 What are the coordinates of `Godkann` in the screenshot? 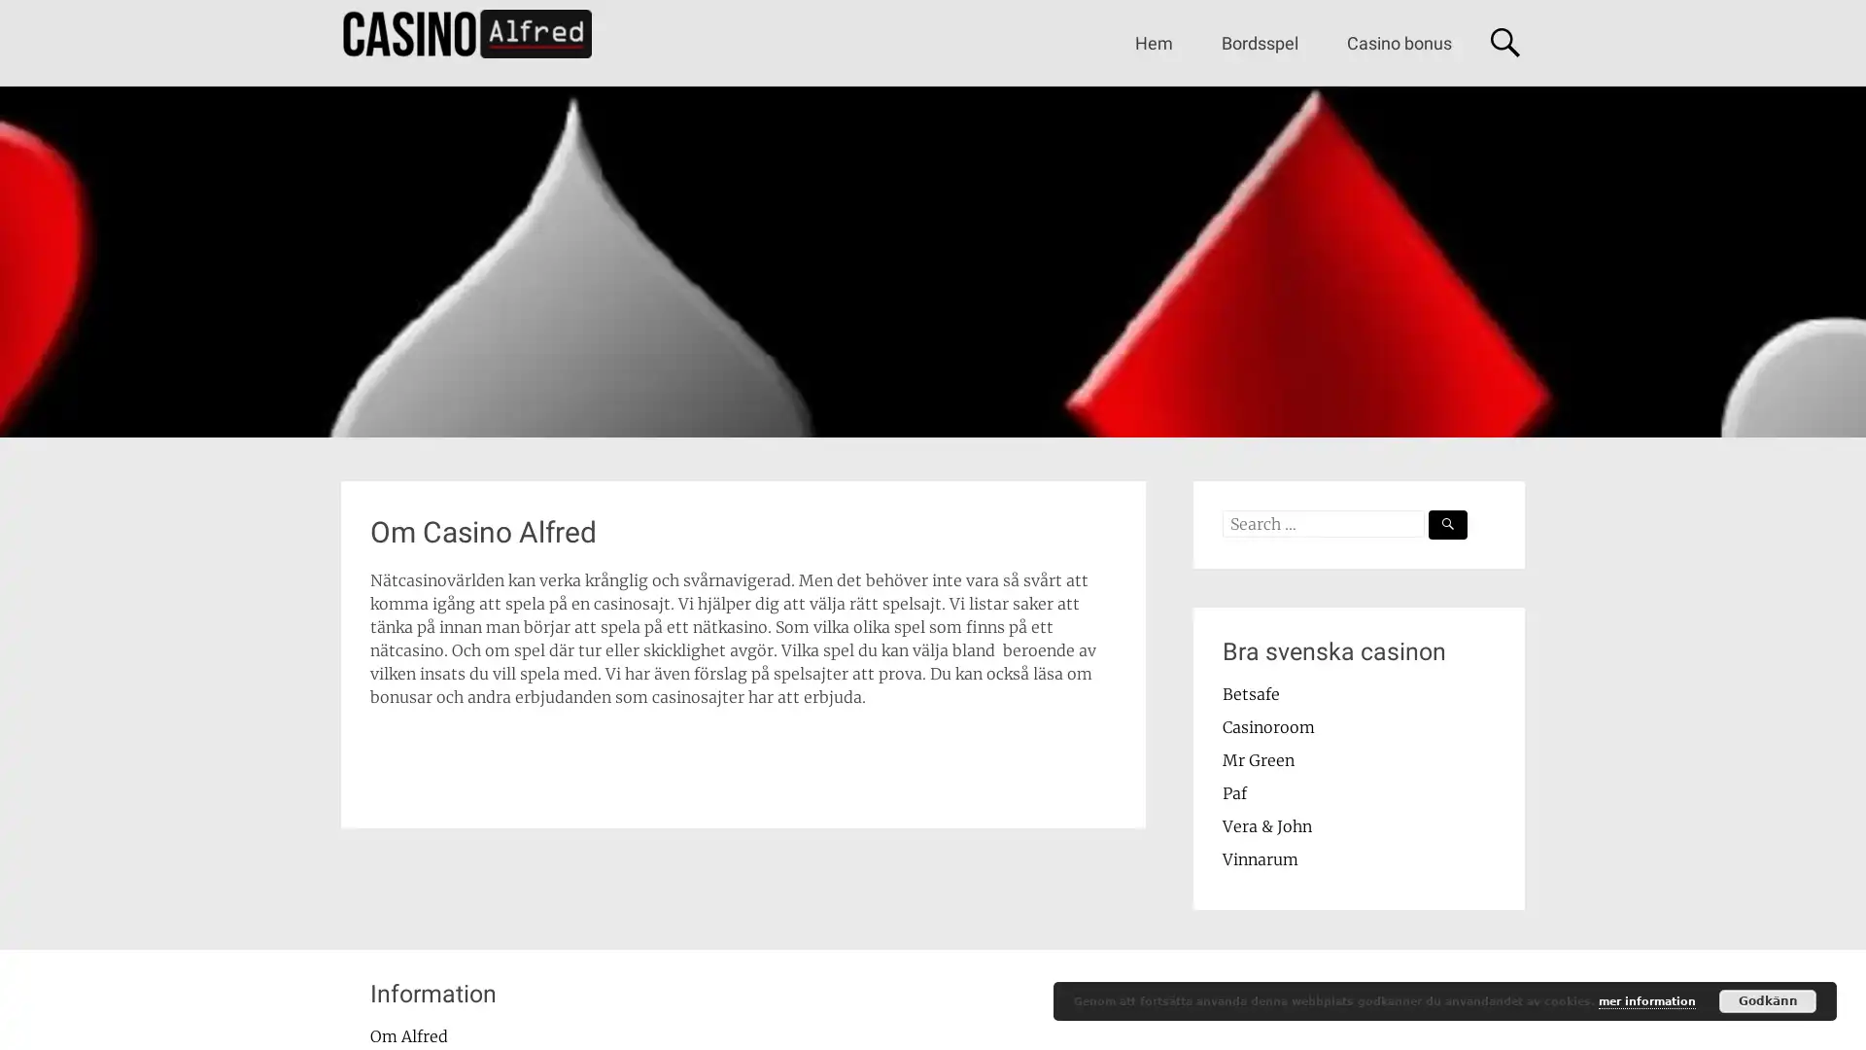 It's located at (1768, 1000).